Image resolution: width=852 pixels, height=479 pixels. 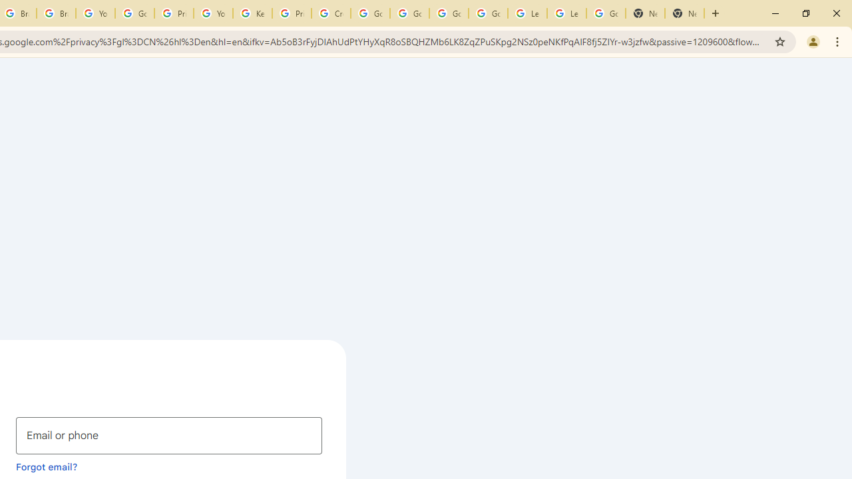 I want to click on 'Google Account Help', so click(x=409, y=13).